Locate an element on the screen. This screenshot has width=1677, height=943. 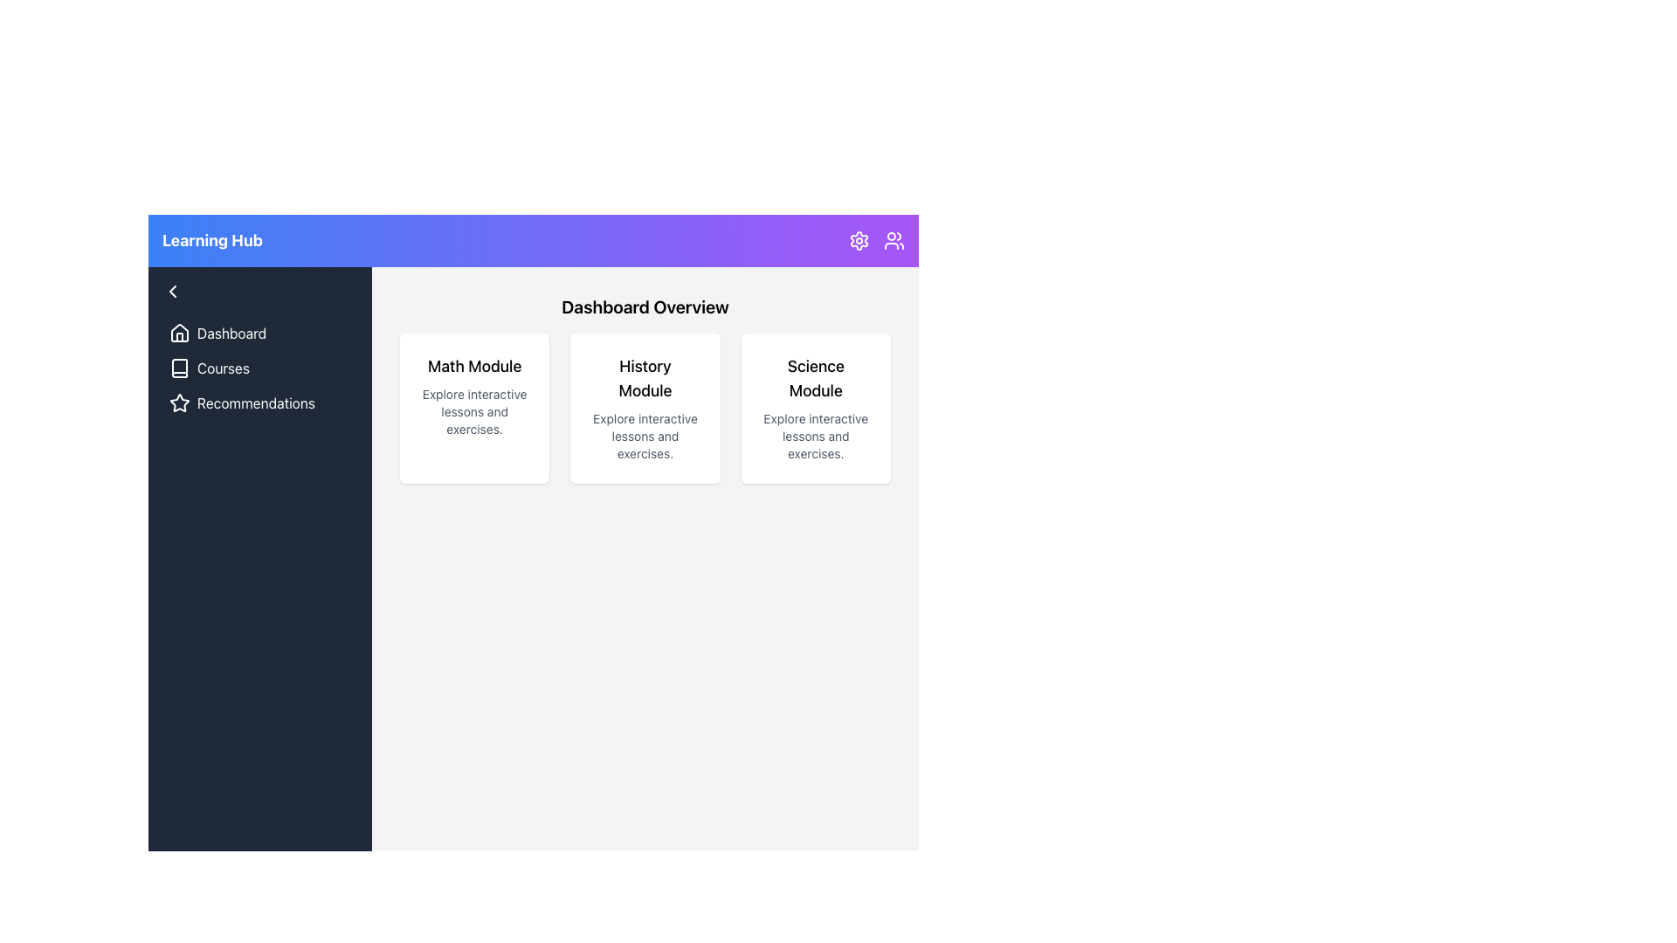
the house icon SVG element is located at coordinates (180, 333).